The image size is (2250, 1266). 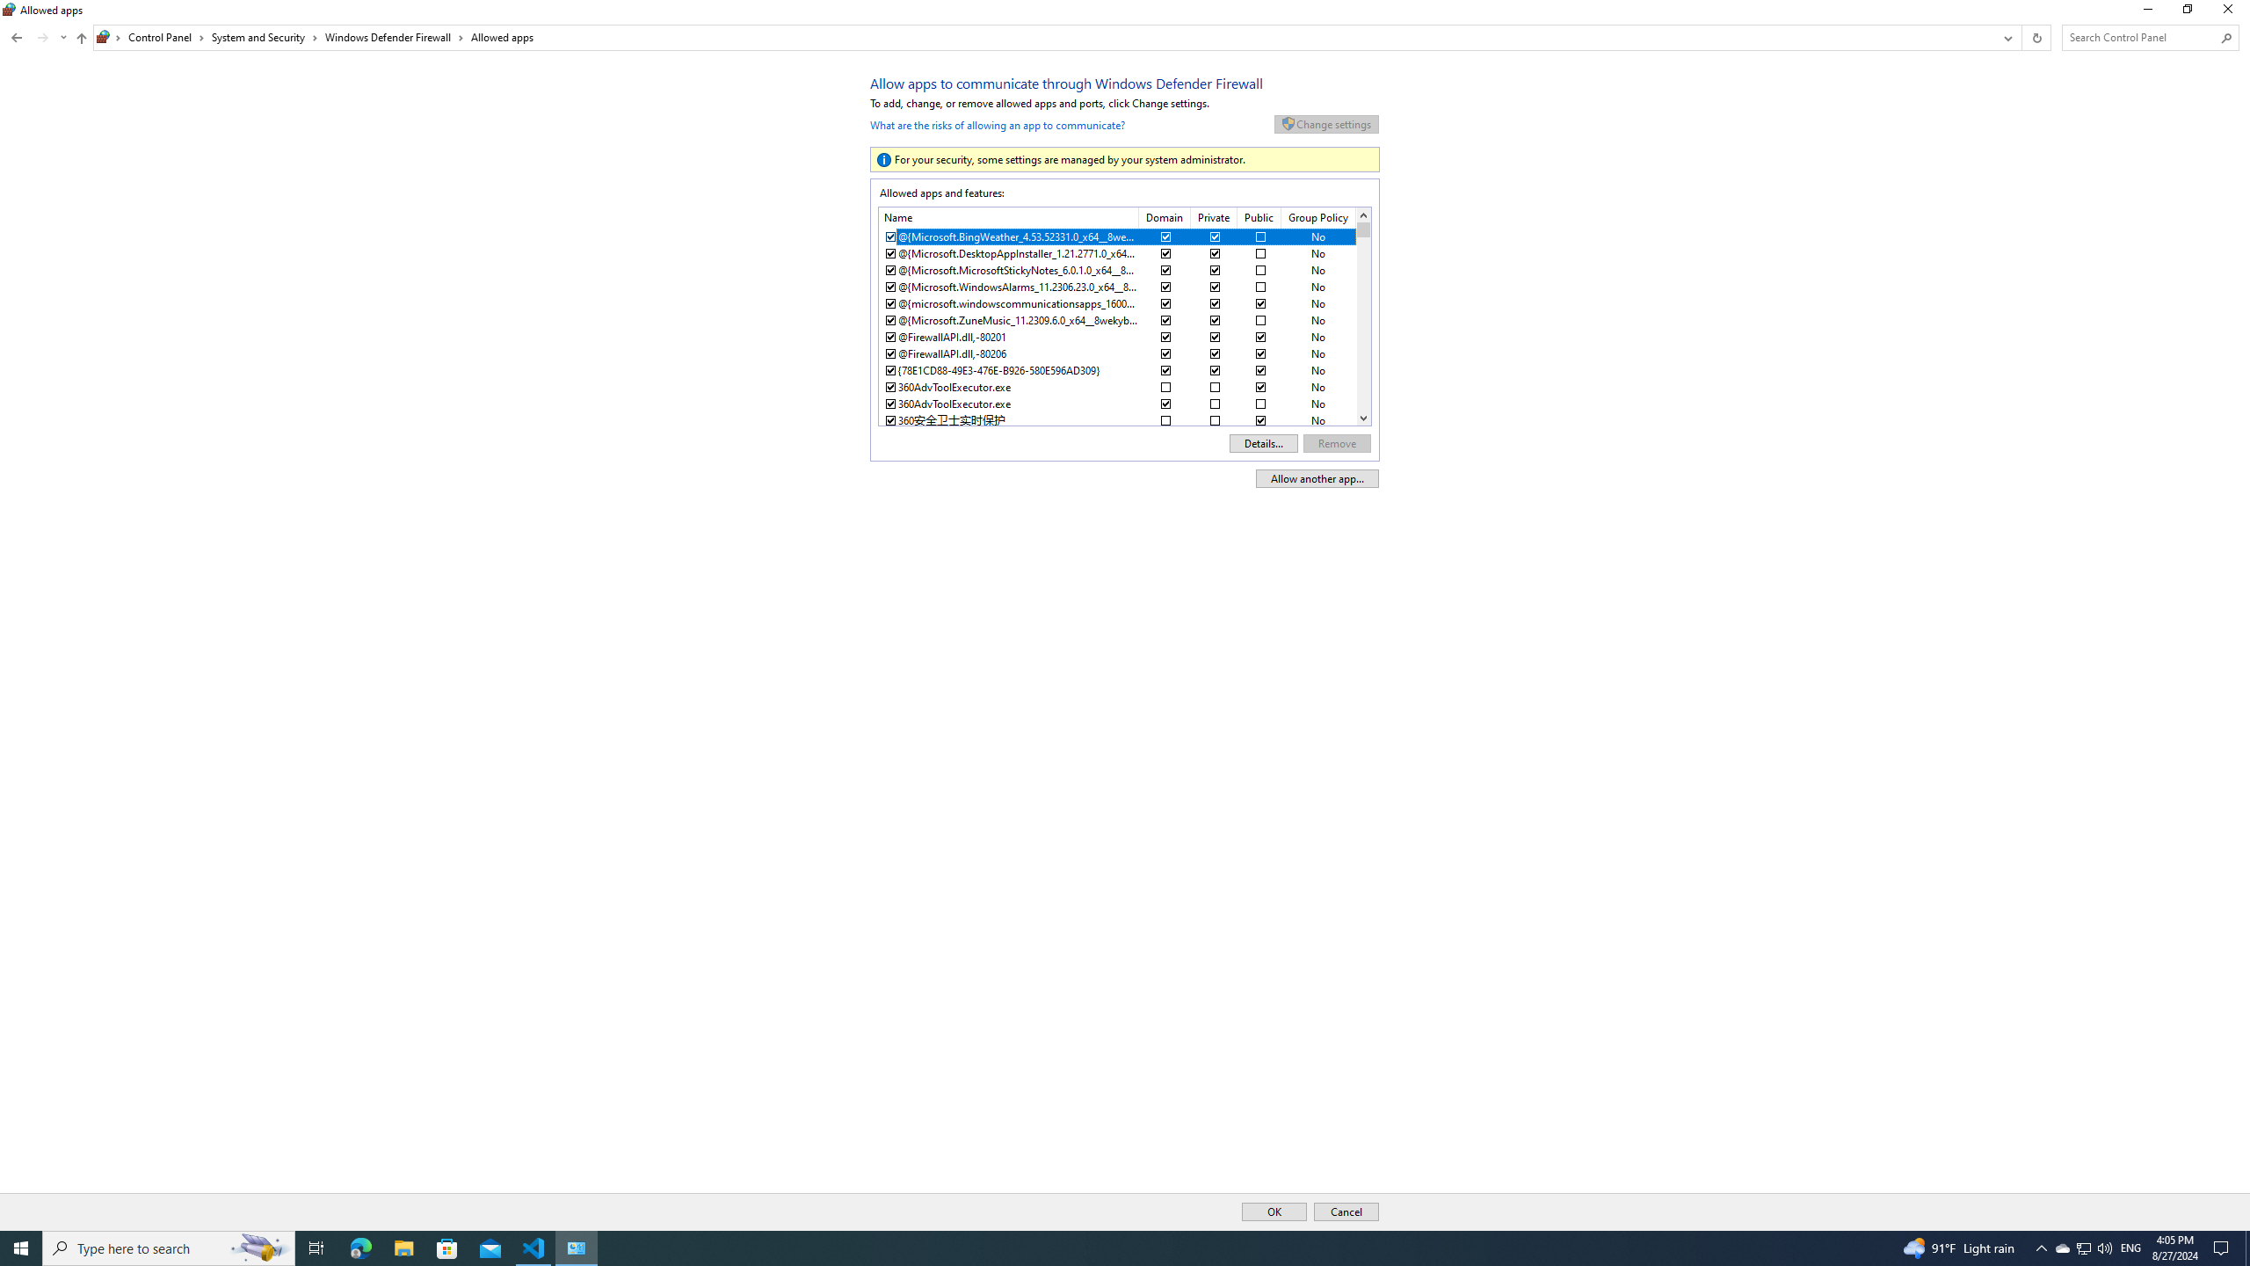 I want to click on 'Microsoft Edge', so click(x=359, y=1247).